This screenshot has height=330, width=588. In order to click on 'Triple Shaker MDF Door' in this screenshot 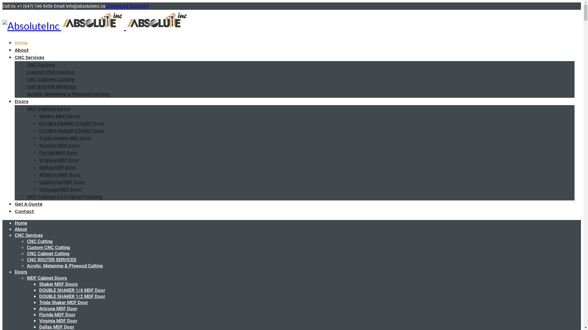, I will do `click(65, 138)`.